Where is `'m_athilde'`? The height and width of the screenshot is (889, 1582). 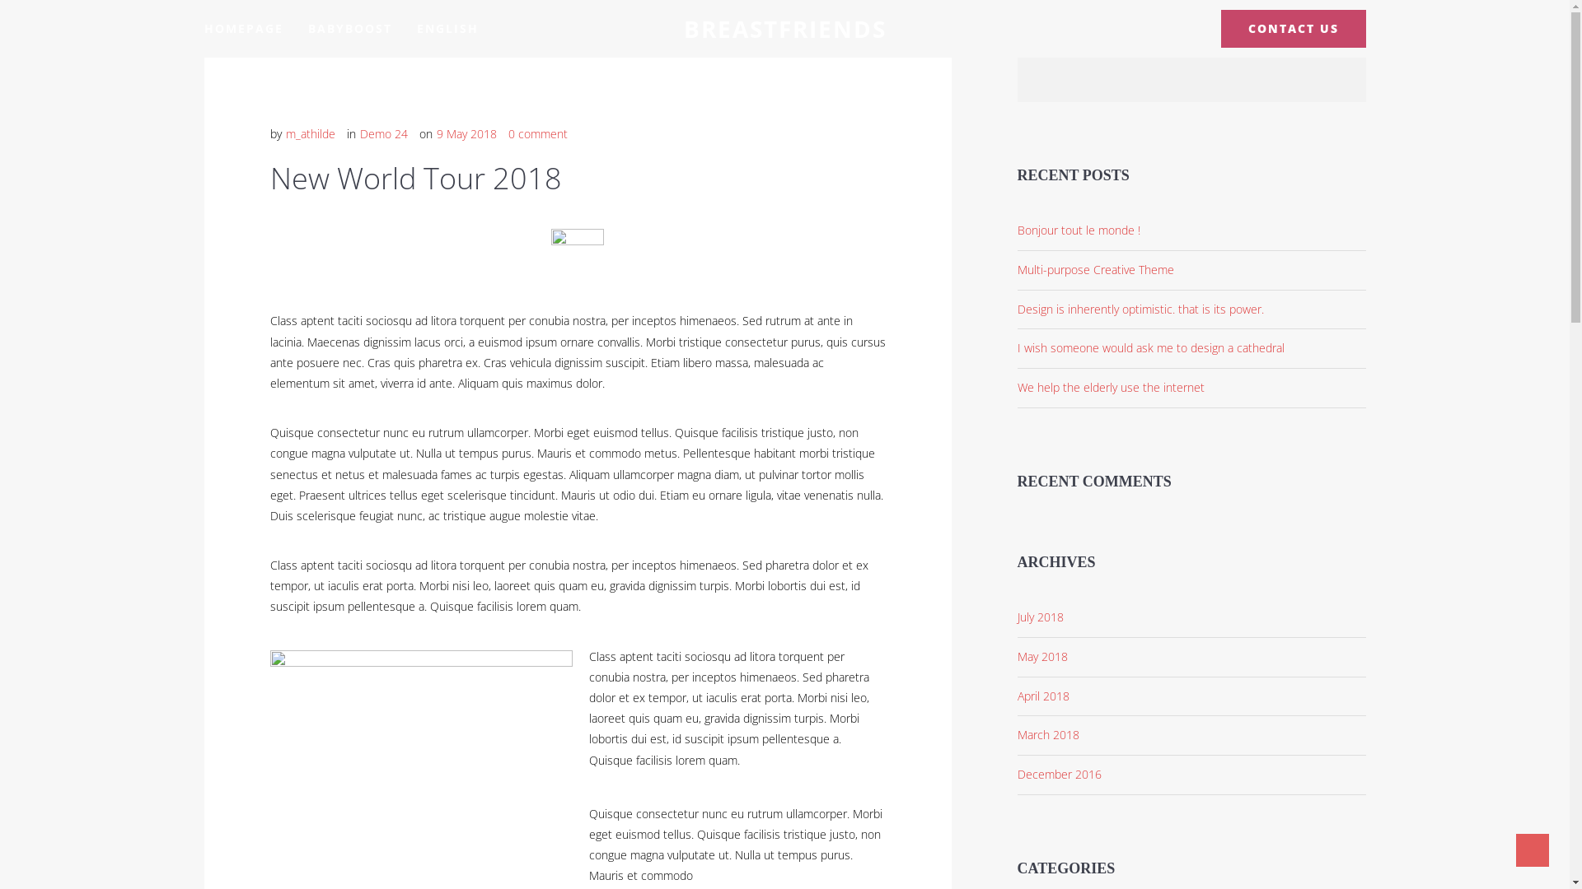 'm_athilde' is located at coordinates (309, 133).